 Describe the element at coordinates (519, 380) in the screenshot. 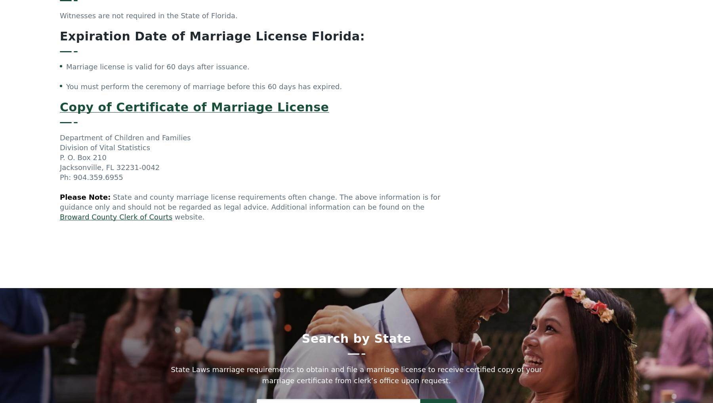

I see `'Texas Law'` at that location.